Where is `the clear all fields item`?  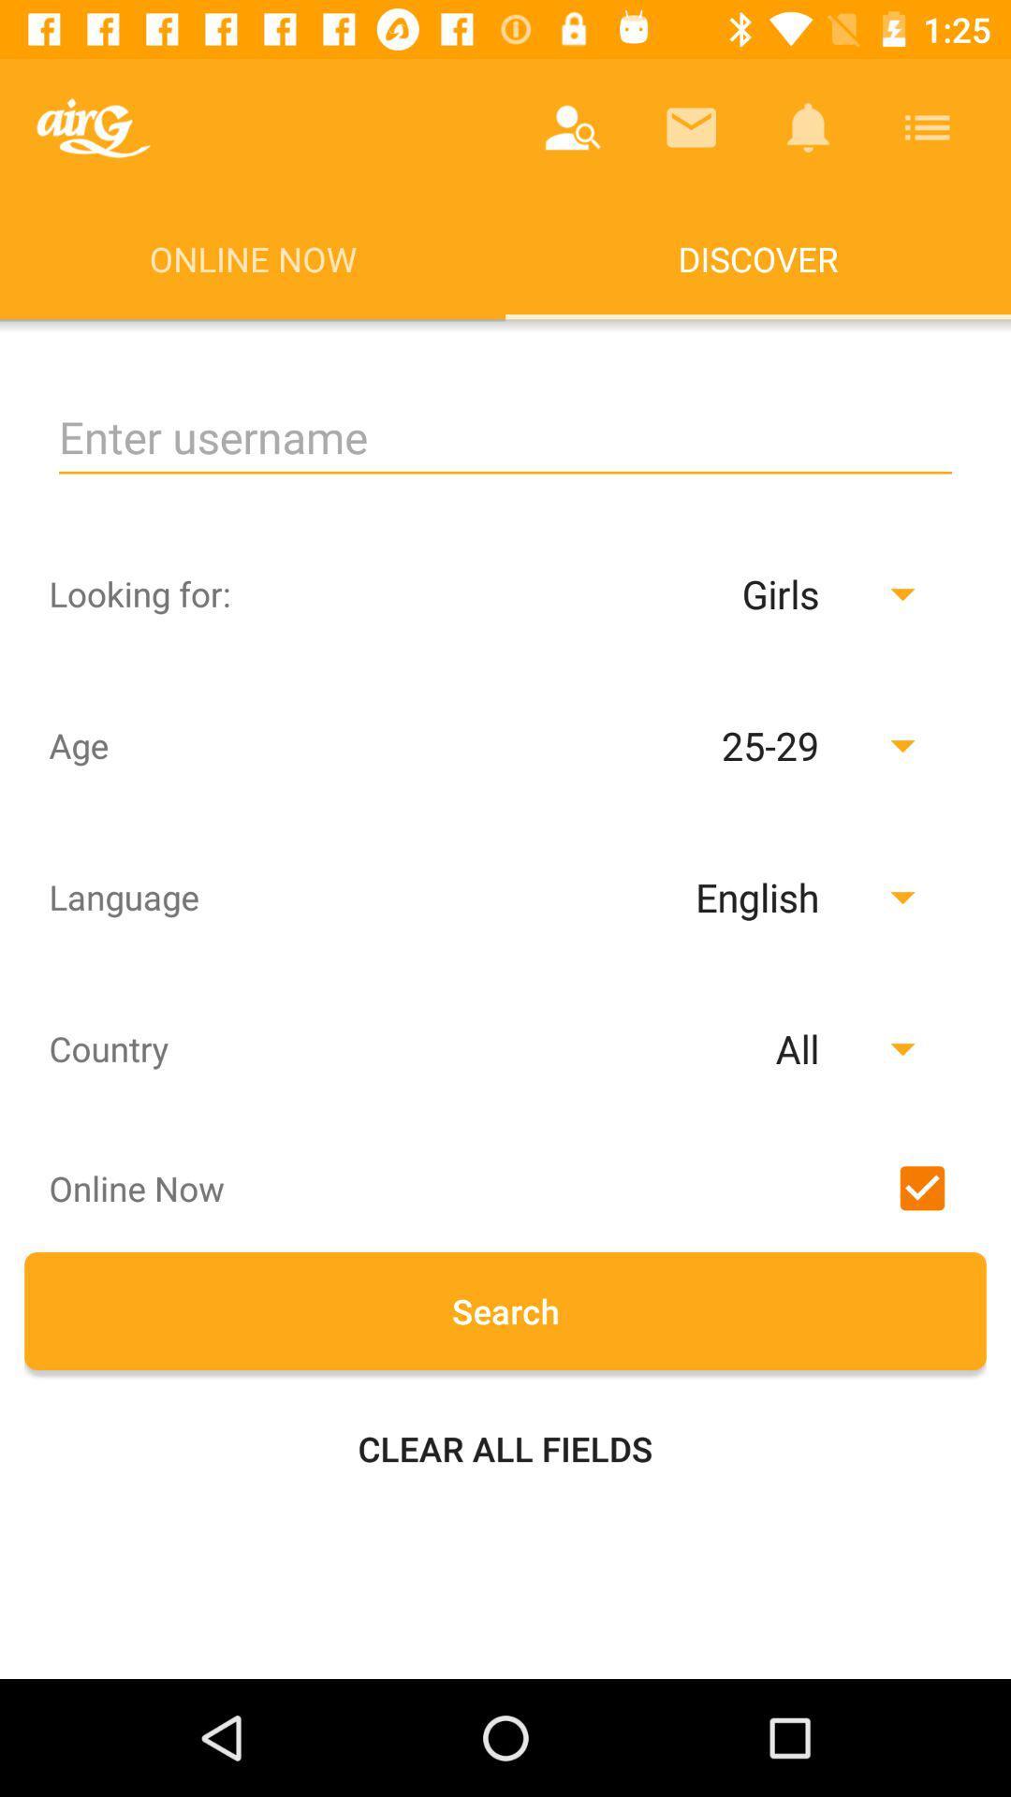
the clear all fields item is located at coordinates (505, 1448).